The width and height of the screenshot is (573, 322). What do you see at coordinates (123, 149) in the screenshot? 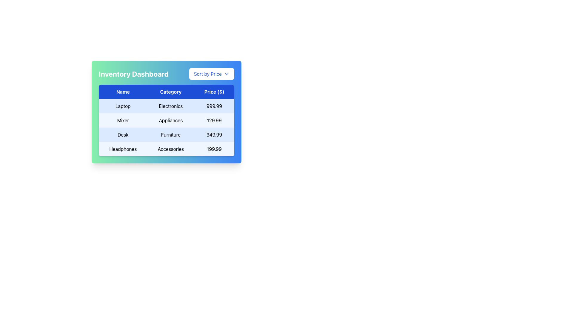
I see `the text label in the leftmost column of the last row in a three-column table, which provides the name of an item listed in the table` at bounding box center [123, 149].